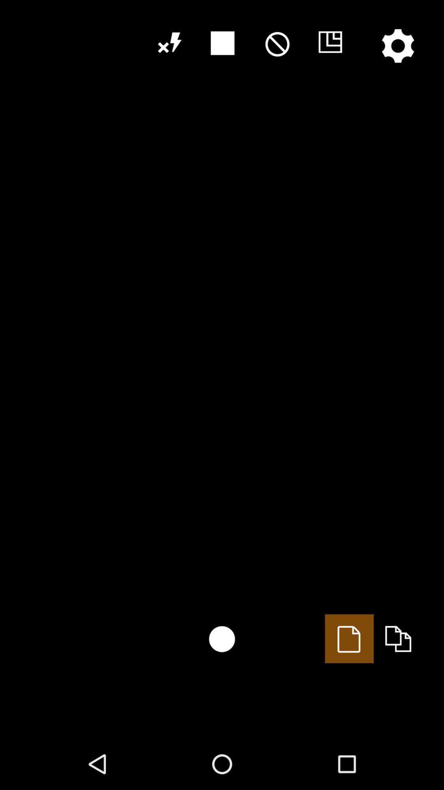 The height and width of the screenshot is (790, 444). Describe the element at coordinates (330, 43) in the screenshot. I see `the save icon` at that location.